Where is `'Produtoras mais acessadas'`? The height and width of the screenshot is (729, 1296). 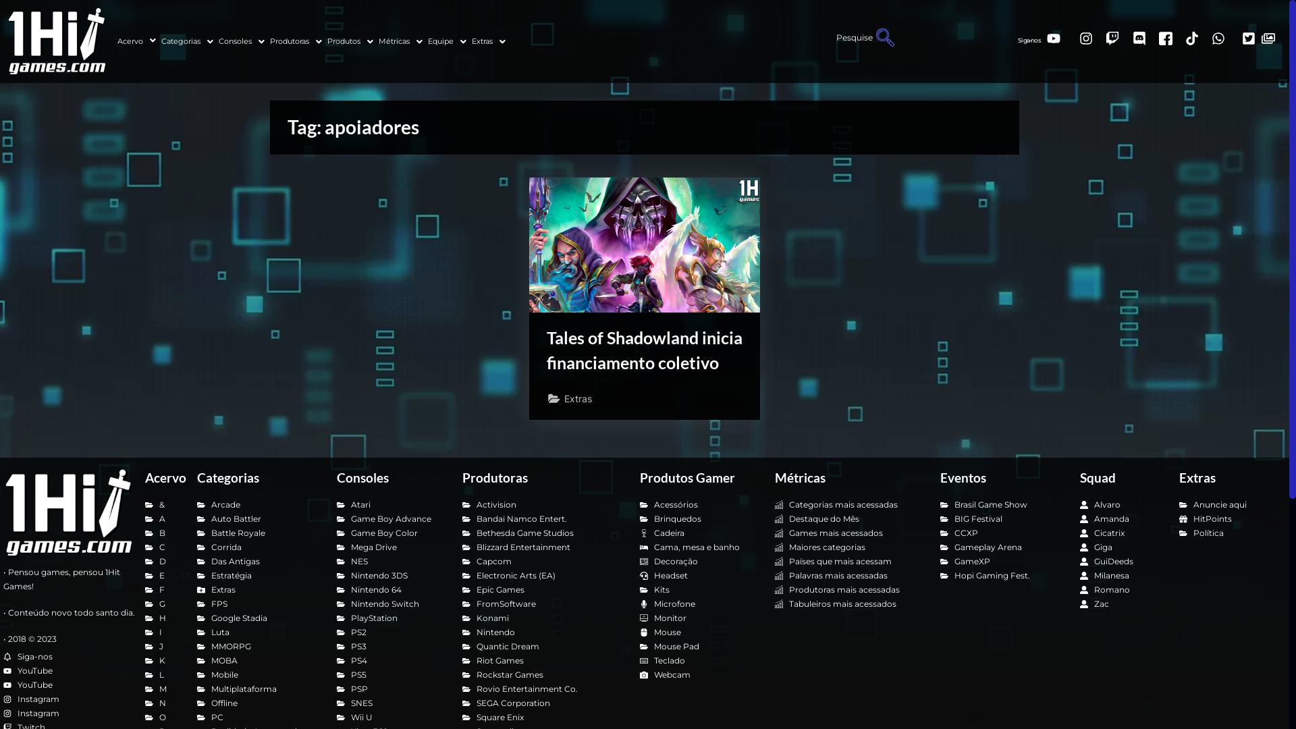 'Produtoras mais acessadas' is located at coordinates (849, 589).